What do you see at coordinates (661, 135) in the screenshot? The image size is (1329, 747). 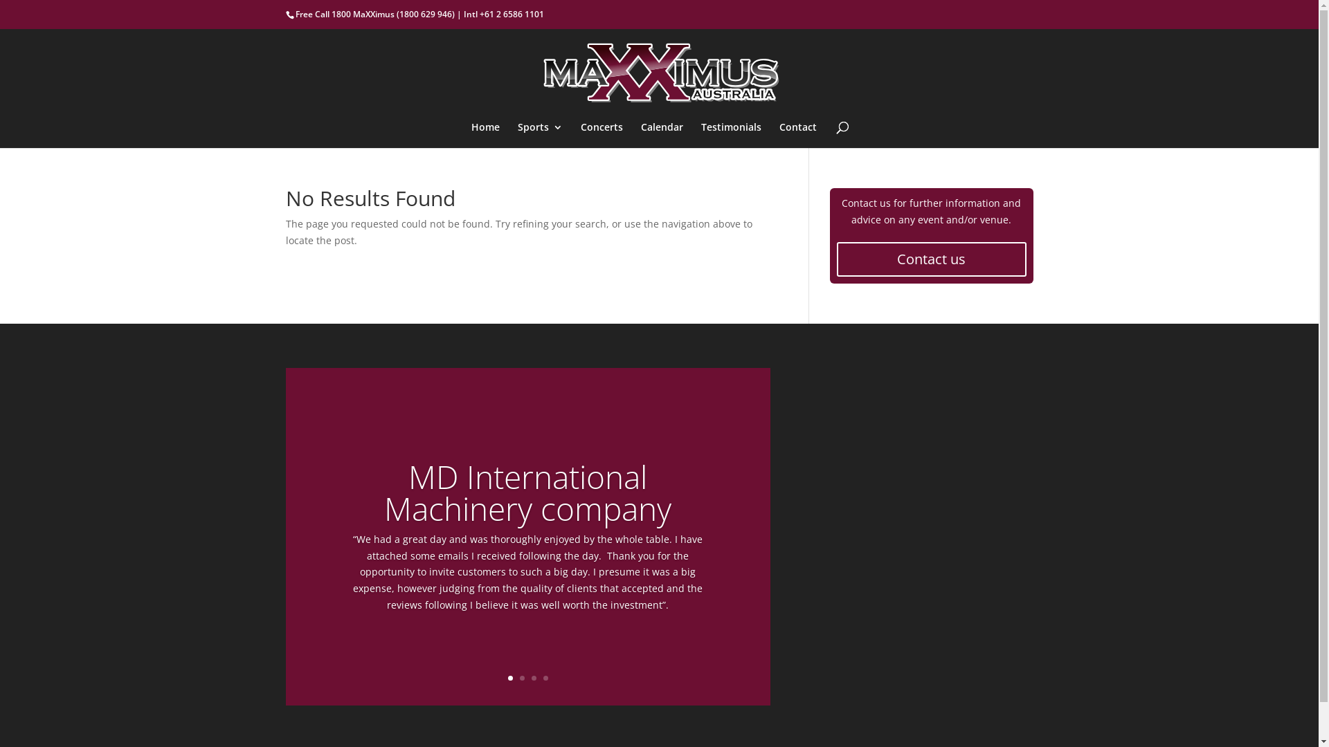 I see `'Calendar'` at bounding box center [661, 135].